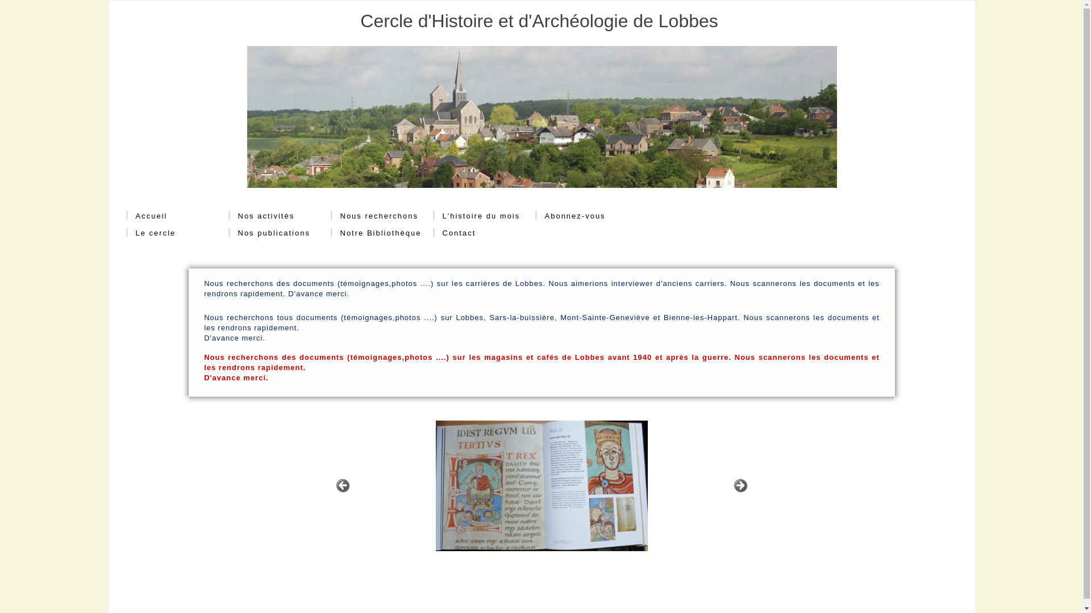  Describe the element at coordinates (481, 216) in the screenshot. I see `'L'histoire du mois'` at that location.